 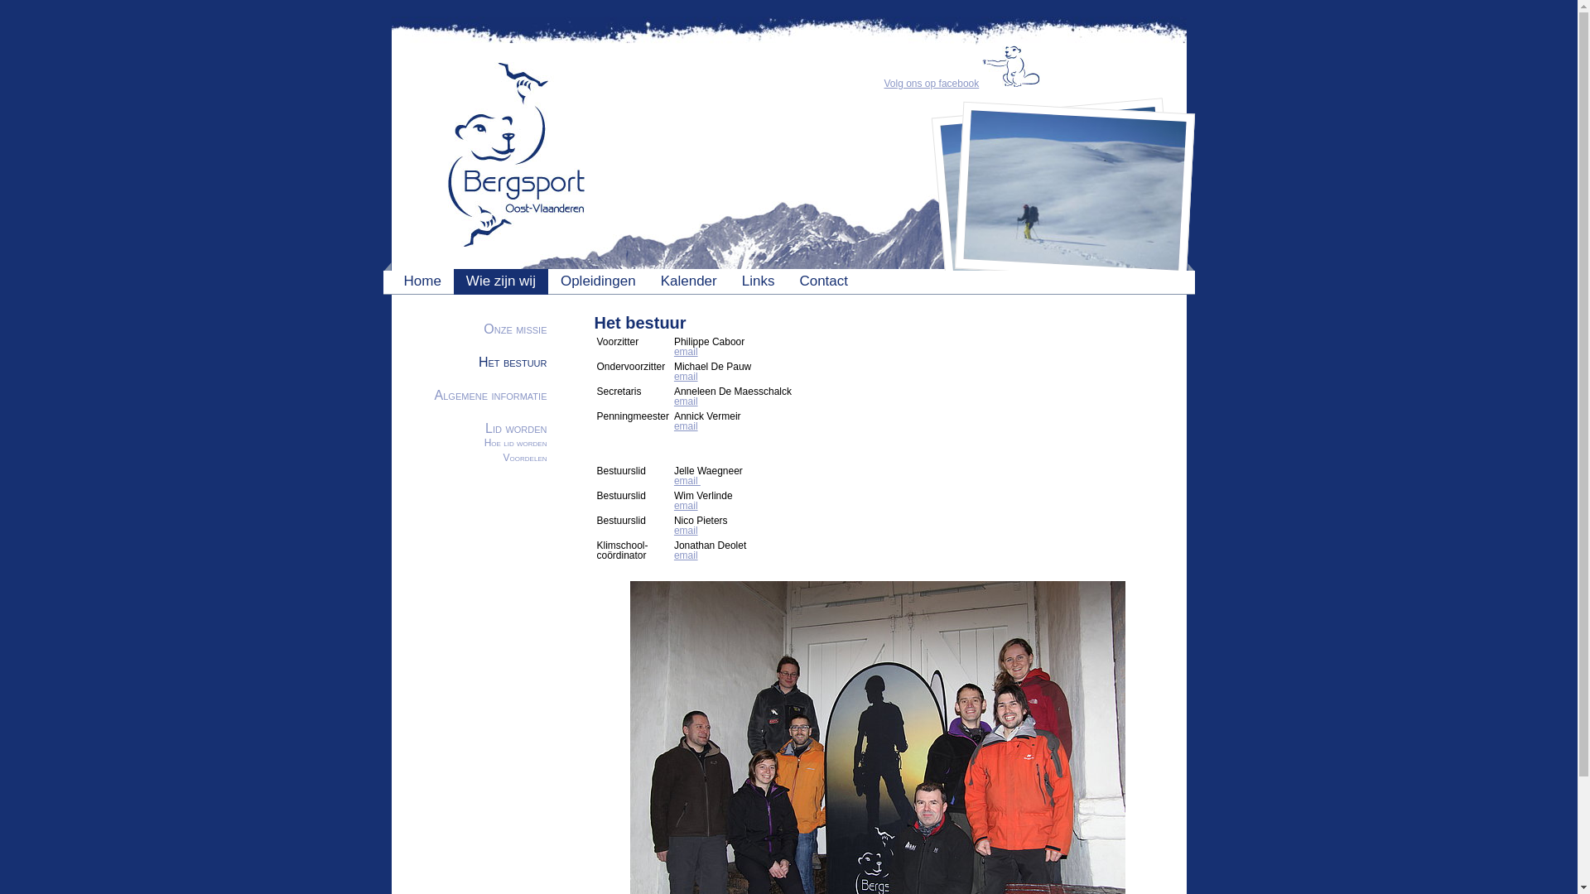 What do you see at coordinates (514, 329) in the screenshot?
I see `'Onze missie'` at bounding box center [514, 329].